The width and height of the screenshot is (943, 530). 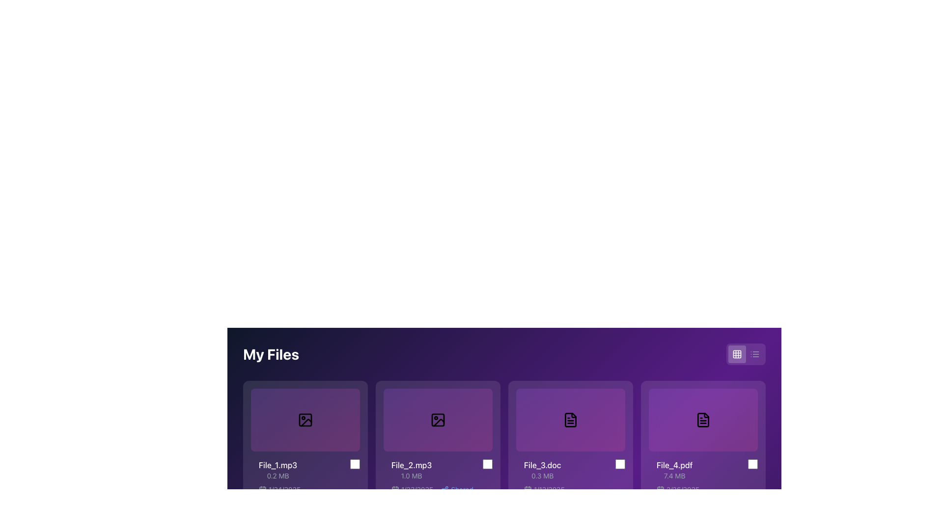 I want to click on the SVG icon representing the image placeholder for 'File_2.mp3', which is located on the second card in a horizontal list of files with a purple background, so click(x=438, y=420).